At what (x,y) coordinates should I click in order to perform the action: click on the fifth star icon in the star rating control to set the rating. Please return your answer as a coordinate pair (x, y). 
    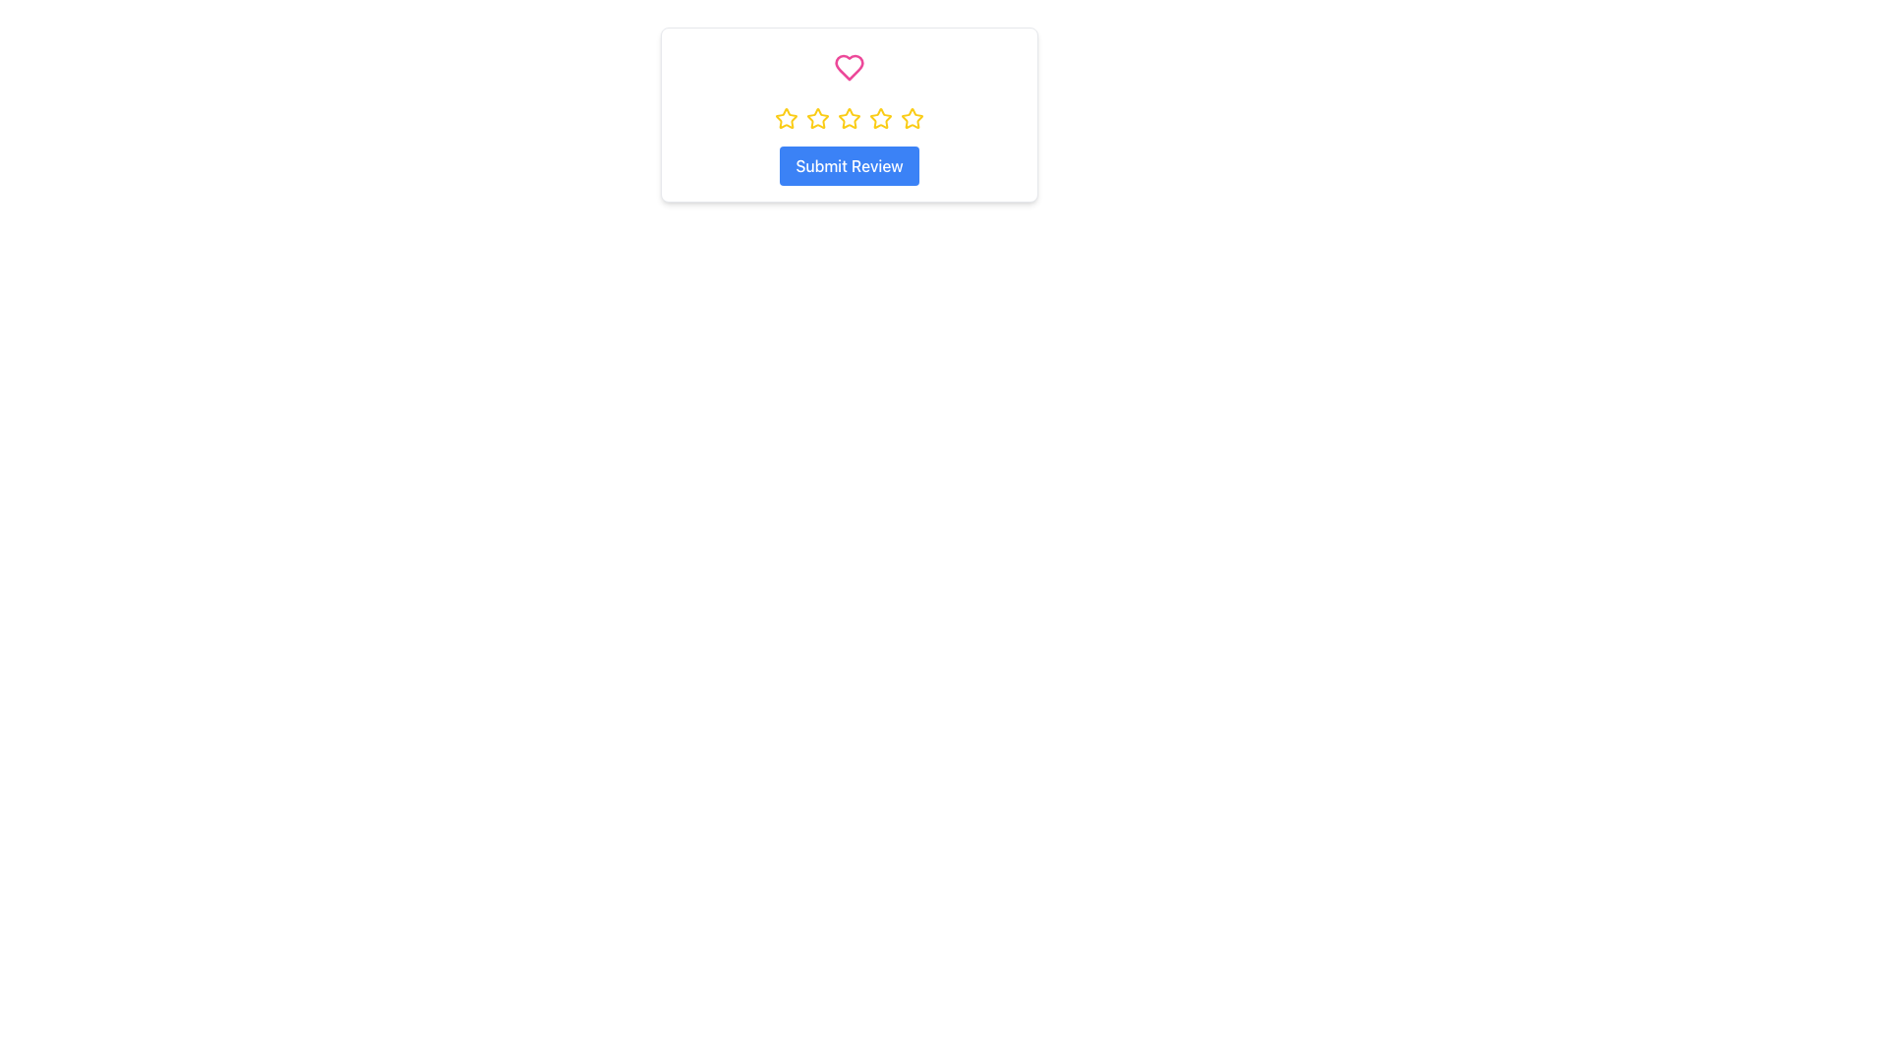
    Looking at the image, I should click on (911, 118).